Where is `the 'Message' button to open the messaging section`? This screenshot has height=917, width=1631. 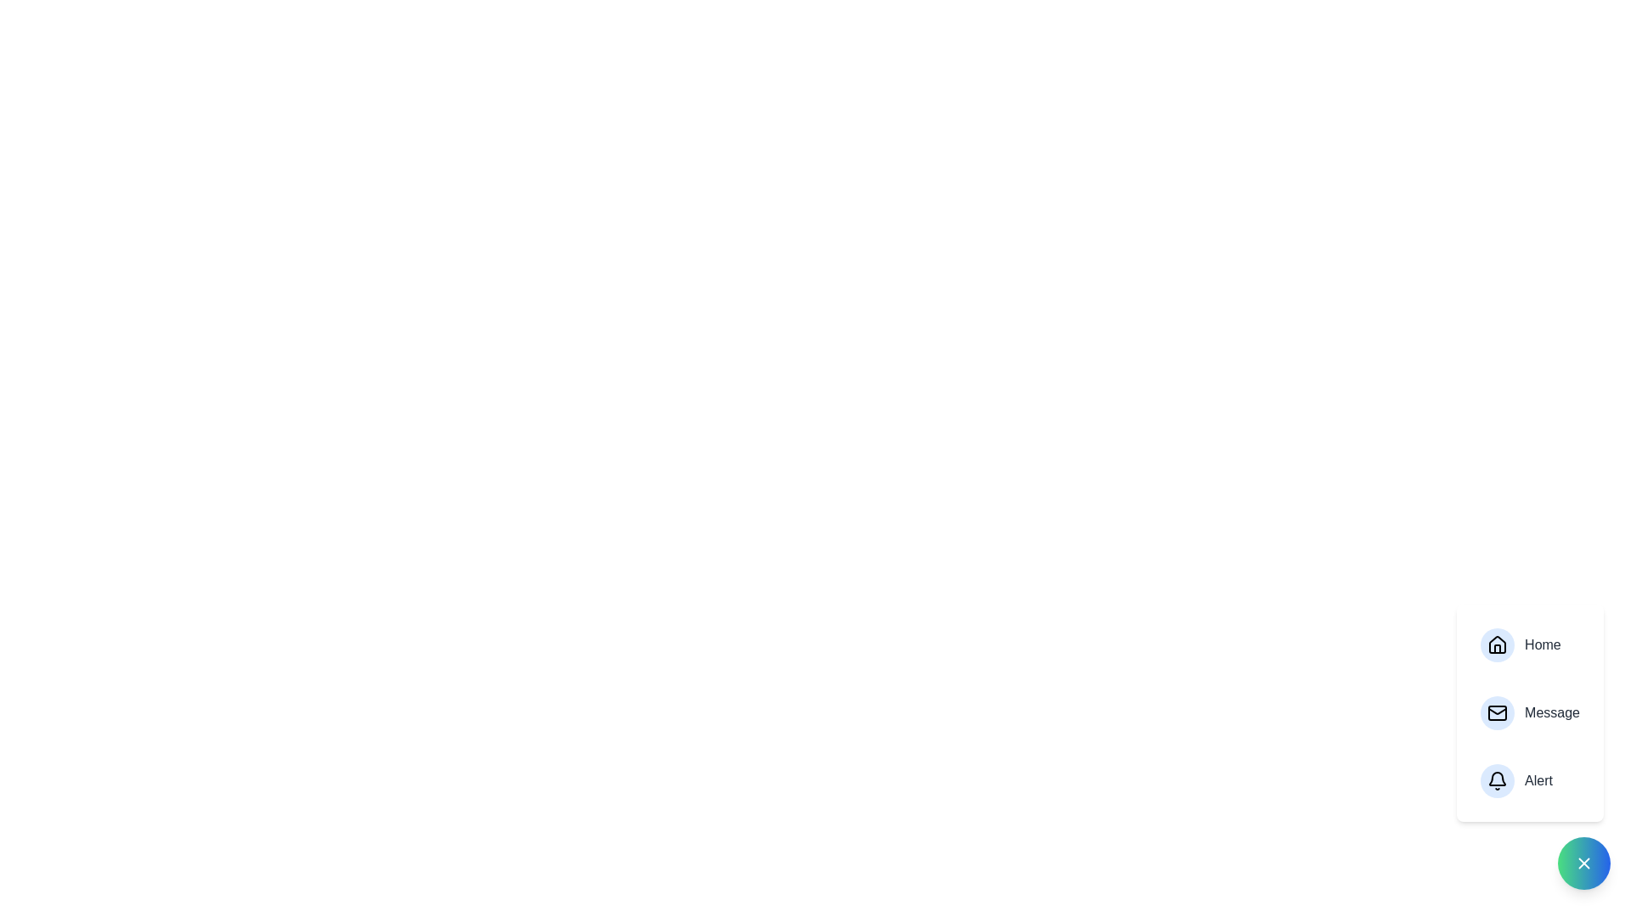
the 'Message' button to open the messaging section is located at coordinates (1529, 713).